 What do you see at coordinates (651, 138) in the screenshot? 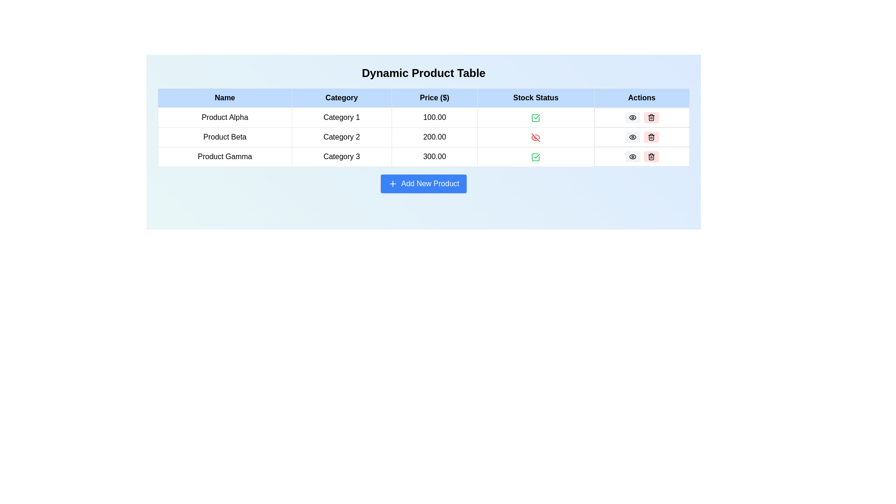
I see `the delete icon within the trash button located in the second row of the table under the 'Actions' column` at bounding box center [651, 138].